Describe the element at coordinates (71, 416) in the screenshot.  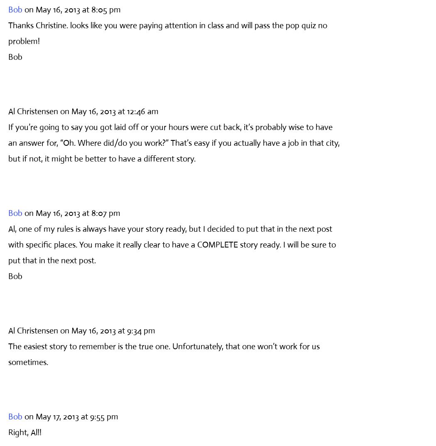
I see `'on May 17, 2013 at 9:55 pm'` at that location.